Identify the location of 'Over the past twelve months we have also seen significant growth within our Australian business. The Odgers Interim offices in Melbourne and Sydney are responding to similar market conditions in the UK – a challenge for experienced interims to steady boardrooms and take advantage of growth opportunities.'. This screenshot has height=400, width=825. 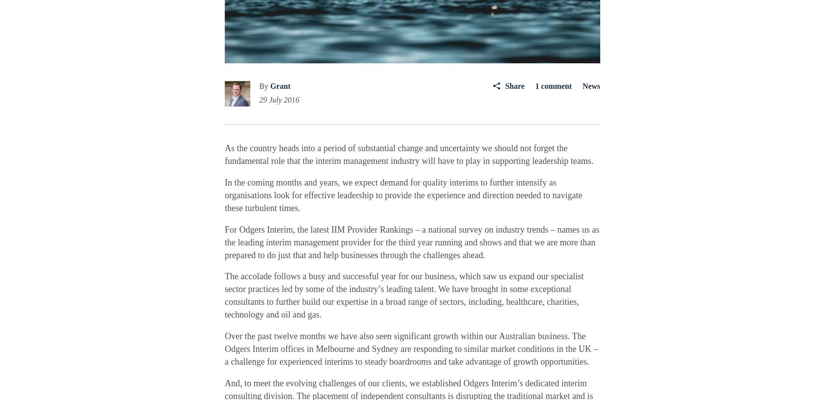
(410, 348).